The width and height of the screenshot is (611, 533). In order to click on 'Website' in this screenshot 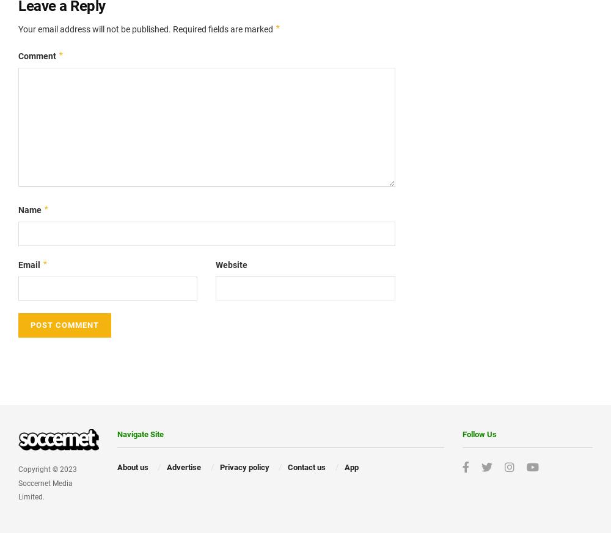, I will do `click(232, 264)`.